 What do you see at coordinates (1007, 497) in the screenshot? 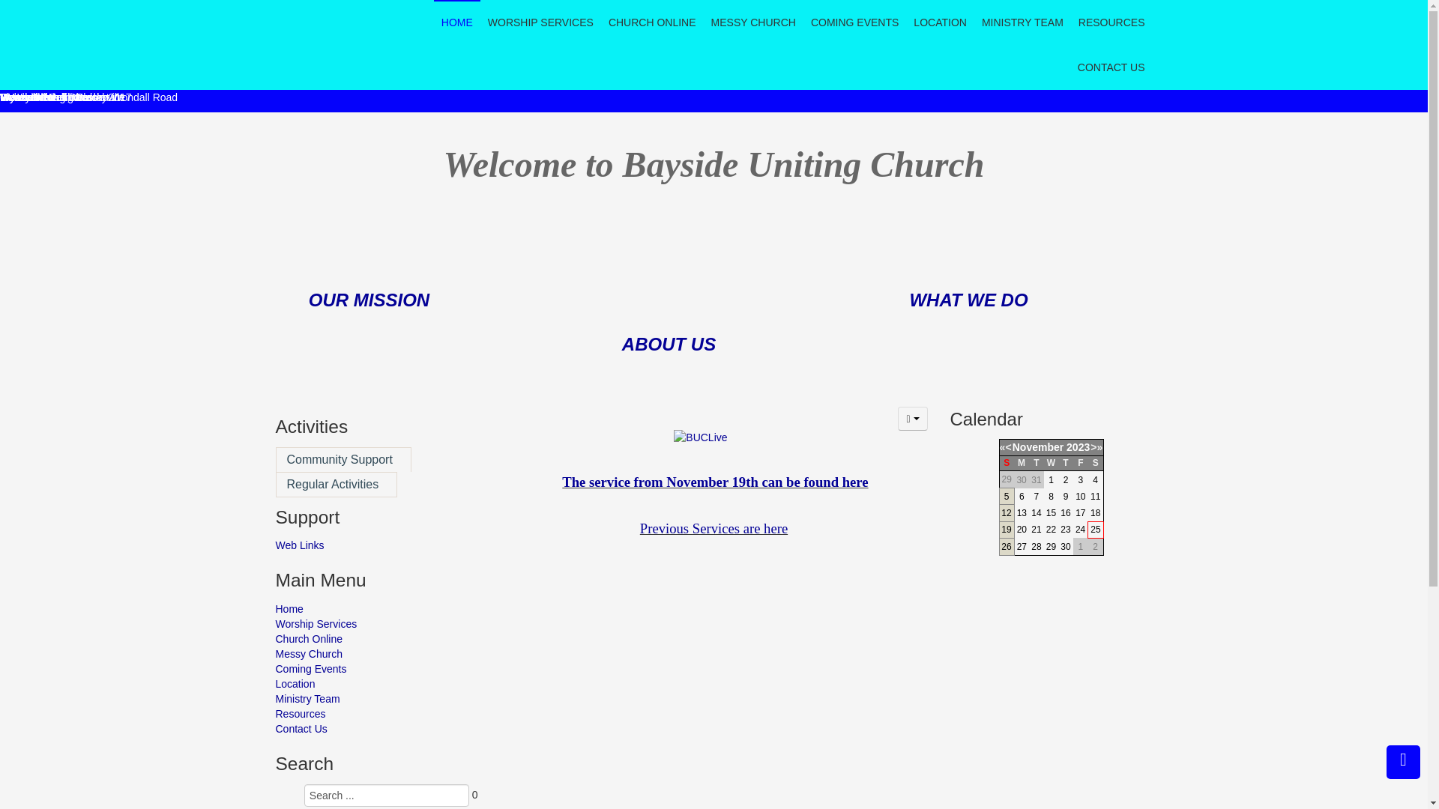
I see `'5'` at bounding box center [1007, 497].